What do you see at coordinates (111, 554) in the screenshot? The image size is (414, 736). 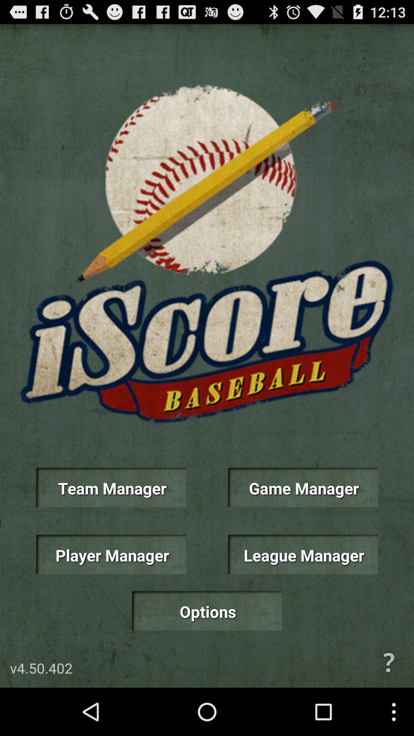 I see `the player manager icon` at bounding box center [111, 554].